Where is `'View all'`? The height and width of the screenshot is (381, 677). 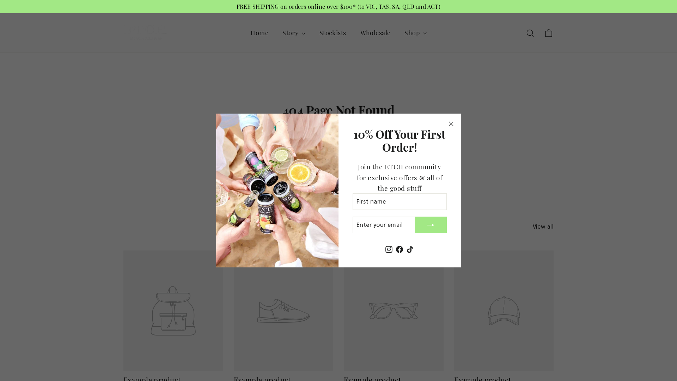 'View all' is located at coordinates (543, 225).